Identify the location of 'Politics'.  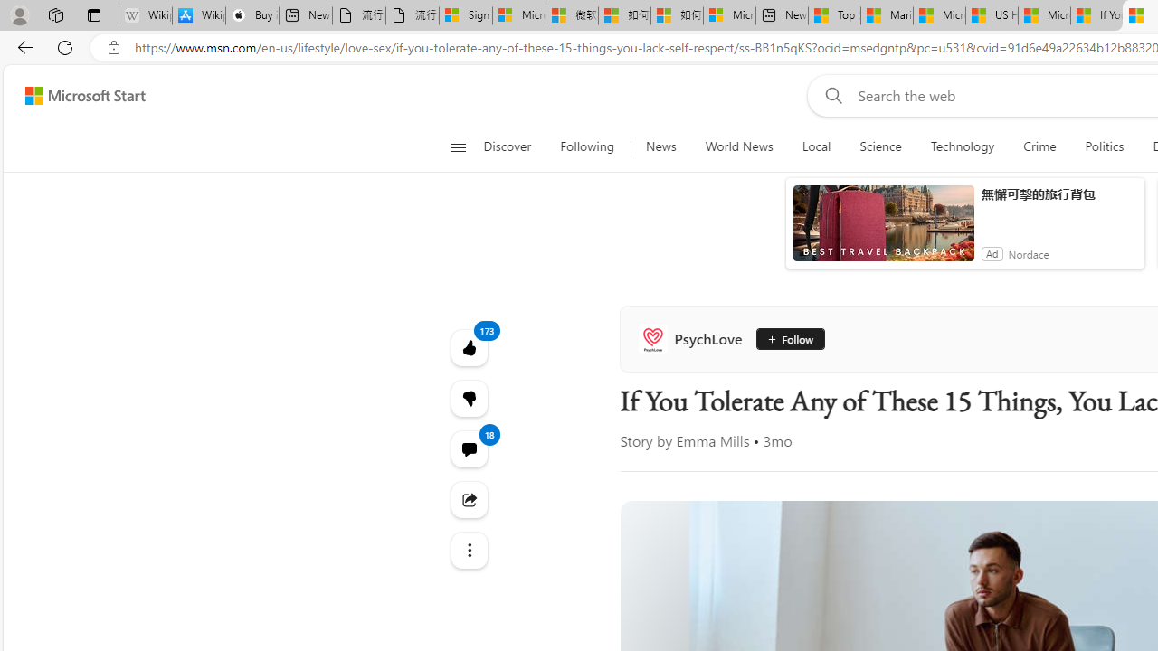
(1104, 146).